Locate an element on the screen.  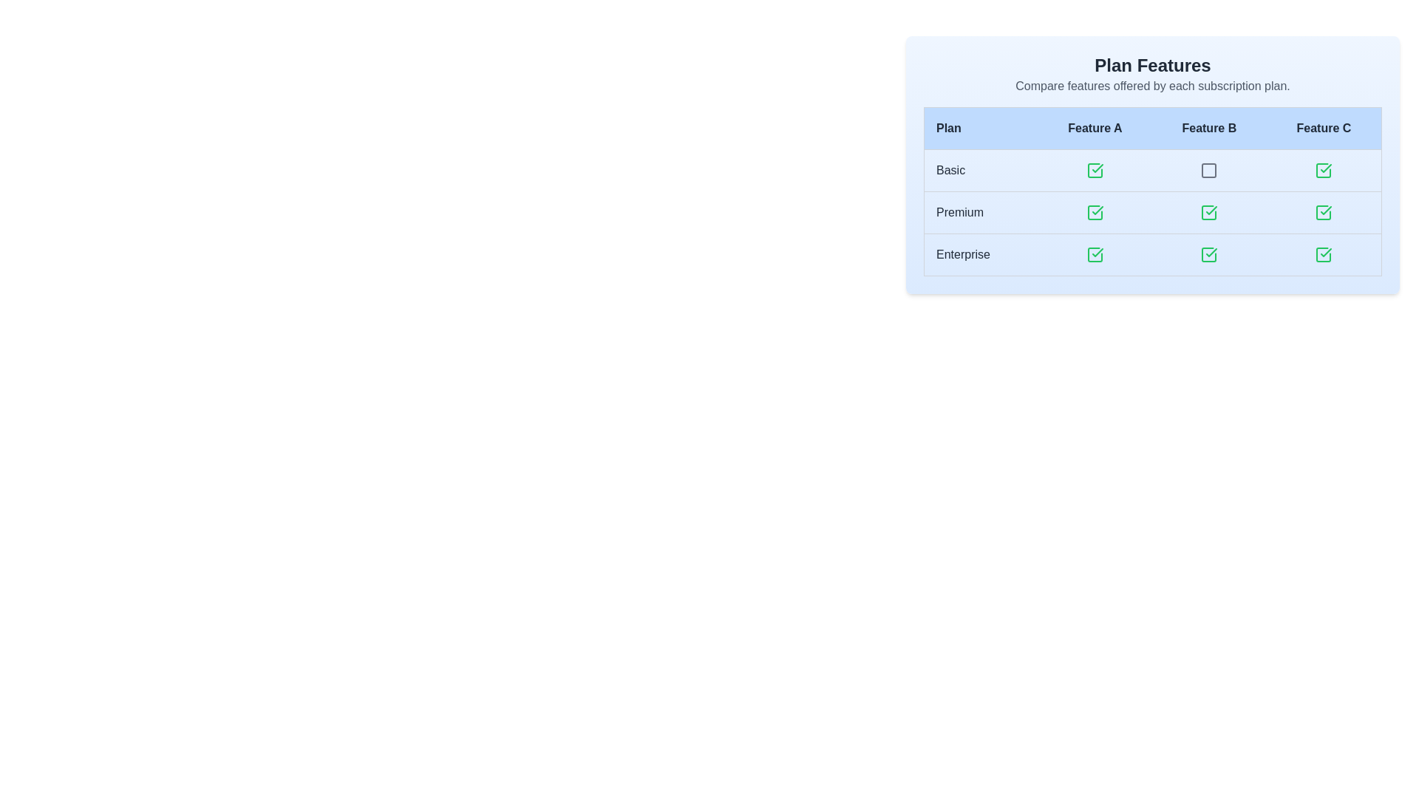
the graphical vector-based icon indicating a status in the 'Basic' row of the grid layout is located at coordinates (1095, 170).